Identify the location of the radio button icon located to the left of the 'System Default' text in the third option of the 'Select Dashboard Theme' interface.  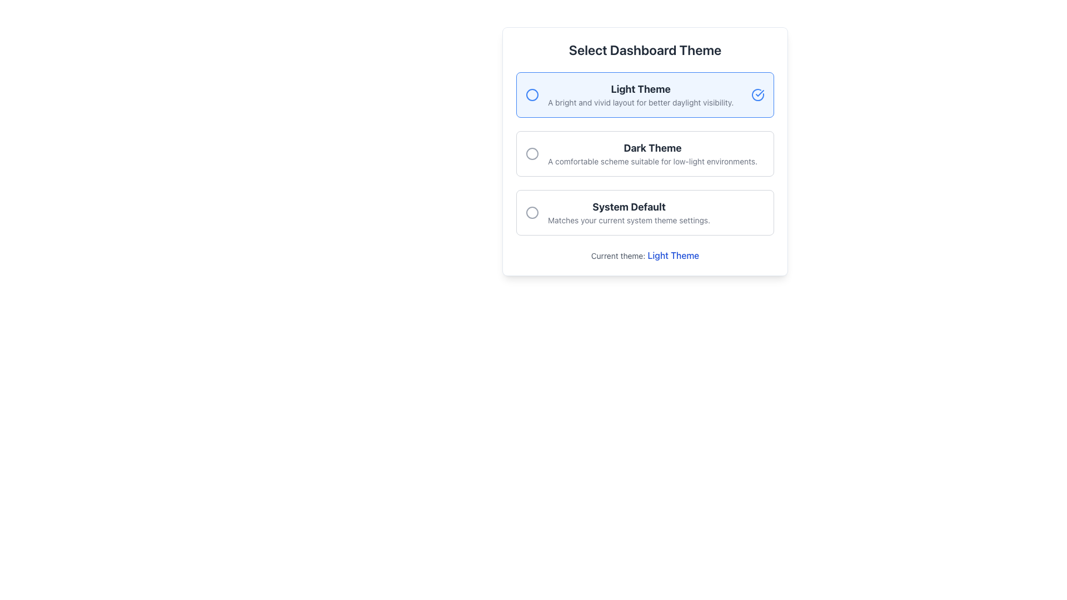
(532, 212).